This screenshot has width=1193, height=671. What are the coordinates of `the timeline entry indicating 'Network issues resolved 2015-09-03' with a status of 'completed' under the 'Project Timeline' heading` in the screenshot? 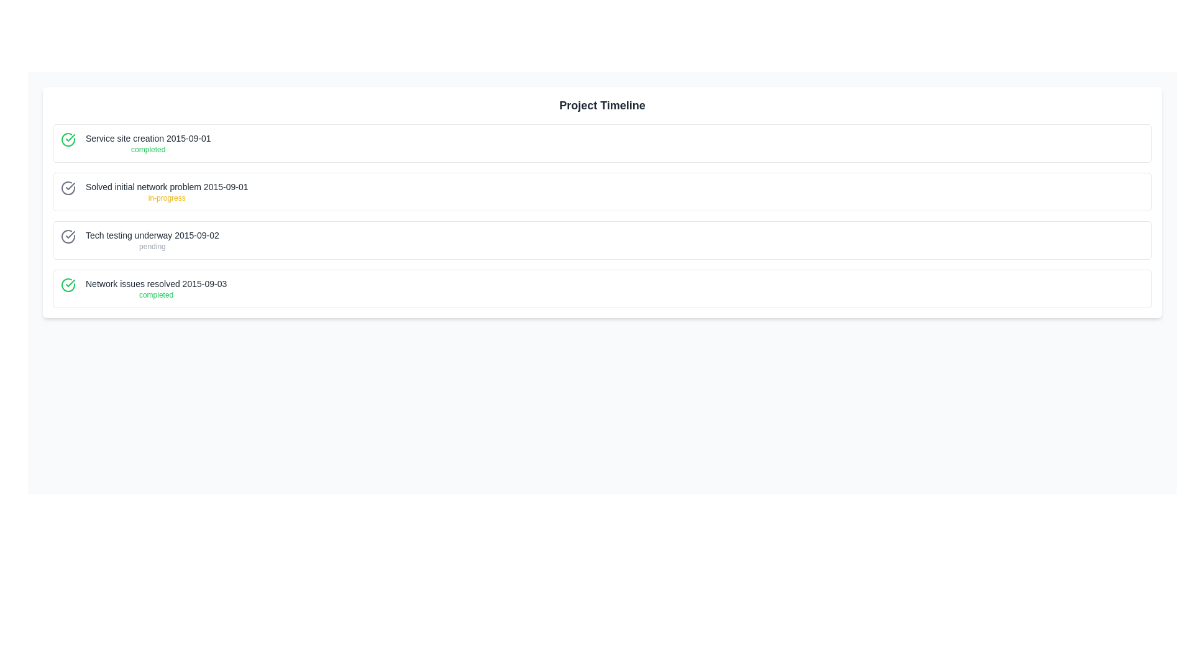 It's located at (155, 289).